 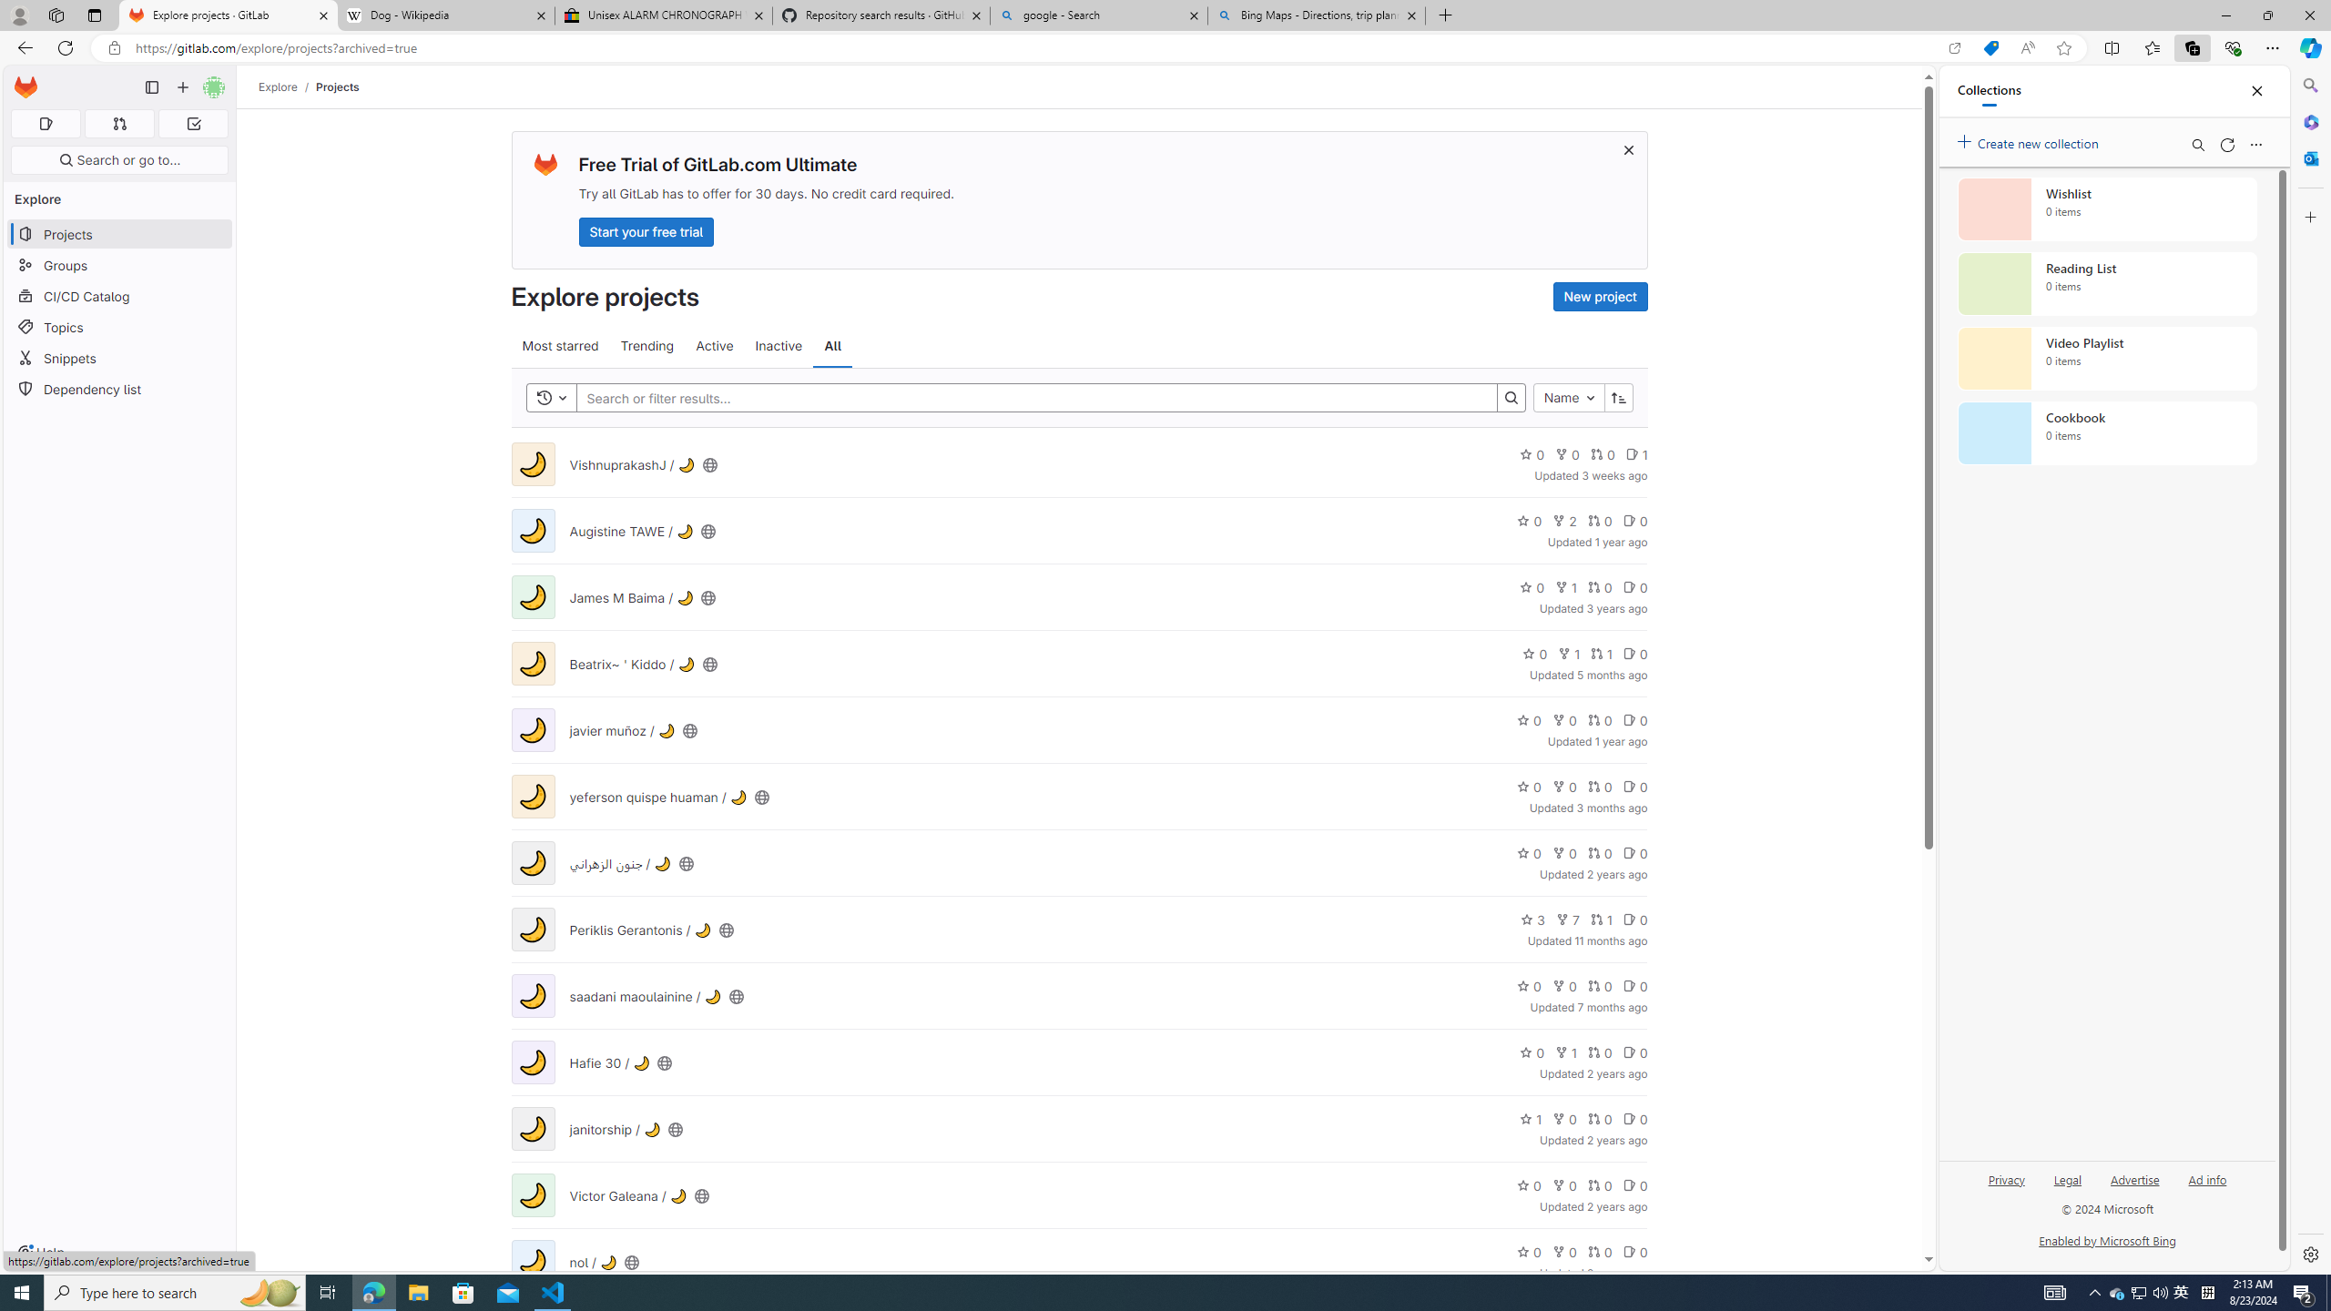 I want to click on 'Projects', so click(x=337, y=86).